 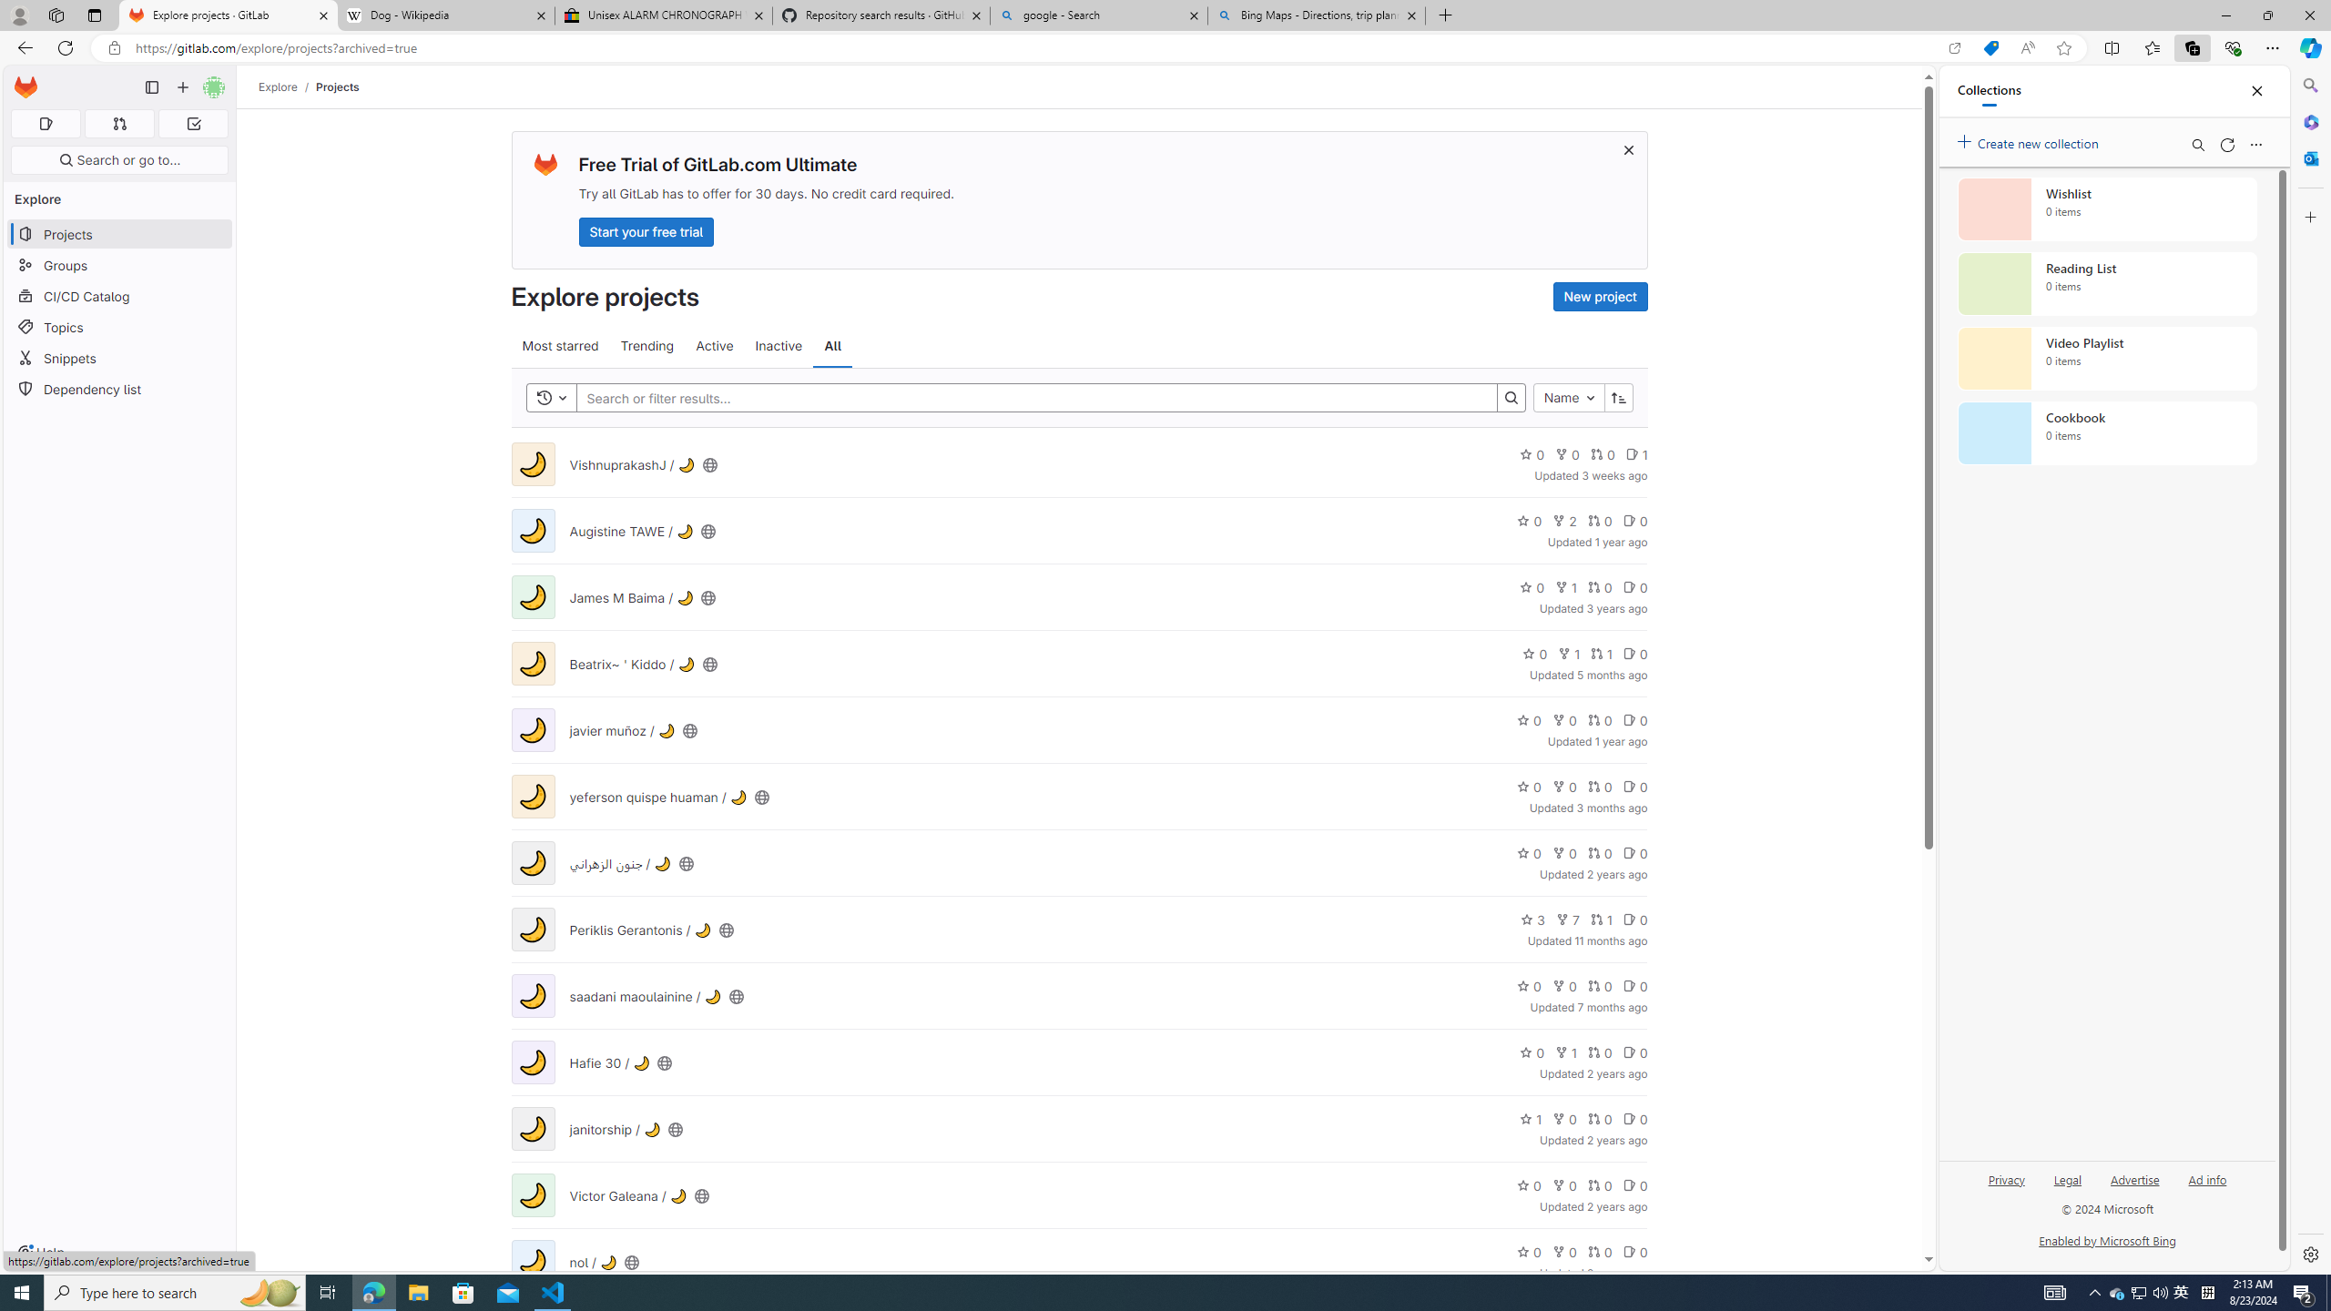 I want to click on 'Projects', so click(x=337, y=86).